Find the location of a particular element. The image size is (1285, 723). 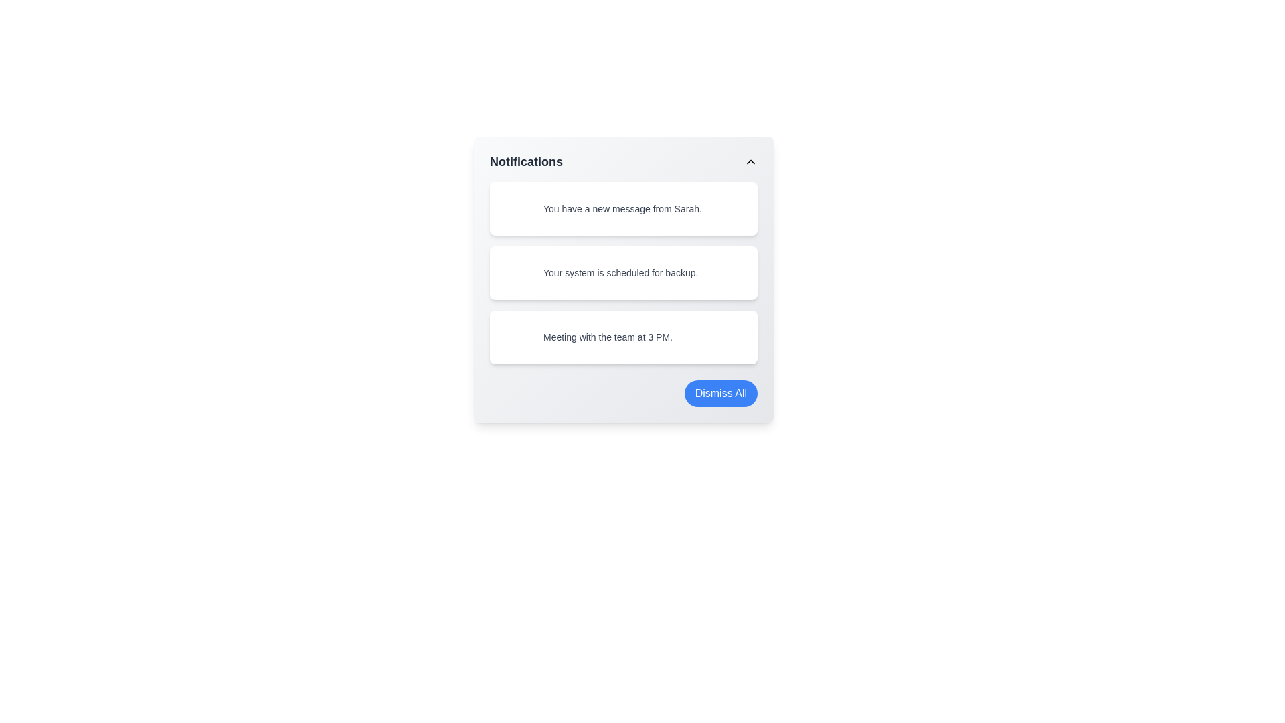

the visual state of the bell icon located in the top-left corner of the second notification card within the notification panel is located at coordinates (516, 272).